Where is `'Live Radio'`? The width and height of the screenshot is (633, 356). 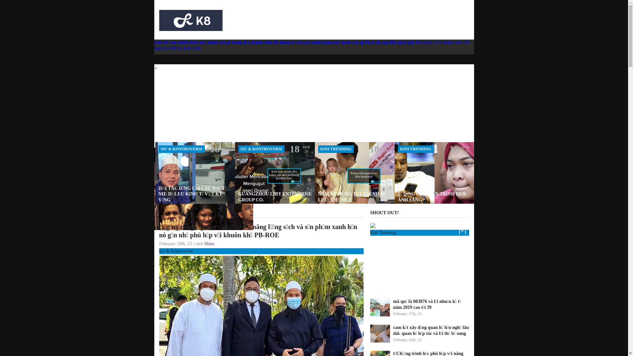 'Live Radio' is located at coordinates (444, 42).